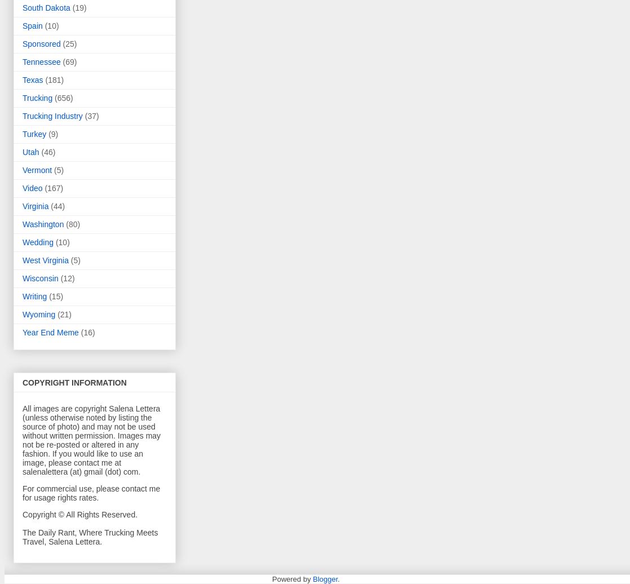  Describe the element at coordinates (69, 62) in the screenshot. I see `'(69)'` at that location.